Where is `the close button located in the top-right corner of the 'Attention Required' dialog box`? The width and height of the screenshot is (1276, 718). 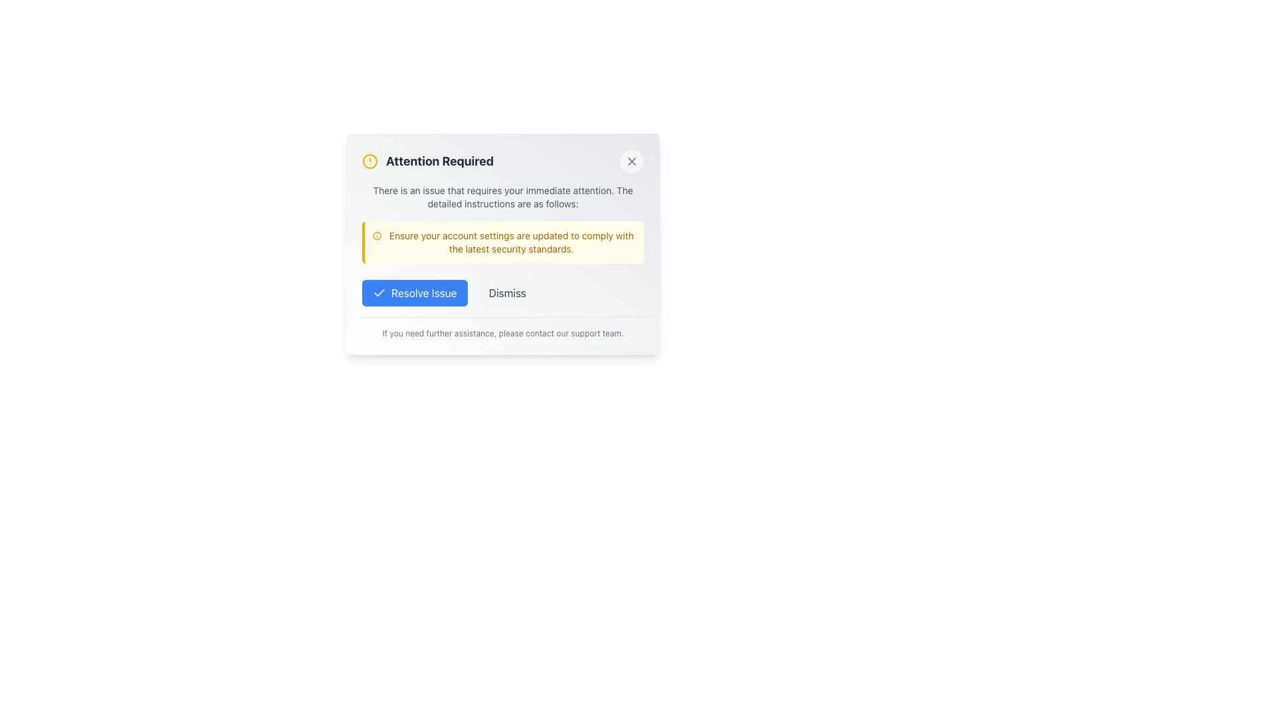
the close button located in the top-right corner of the 'Attention Required' dialog box is located at coordinates (631, 161).